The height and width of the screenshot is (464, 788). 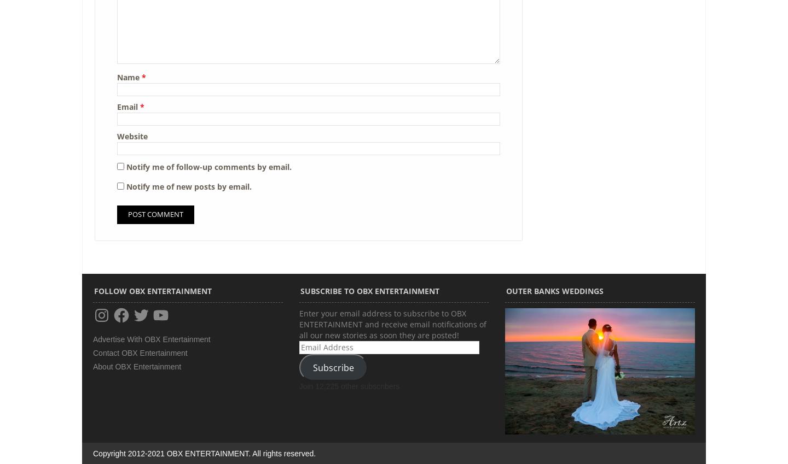 I want to click on 'Copyright 2012-2021 OBX ENTERTAINMENT. All rights reserved.', so click(x=204, y=453).